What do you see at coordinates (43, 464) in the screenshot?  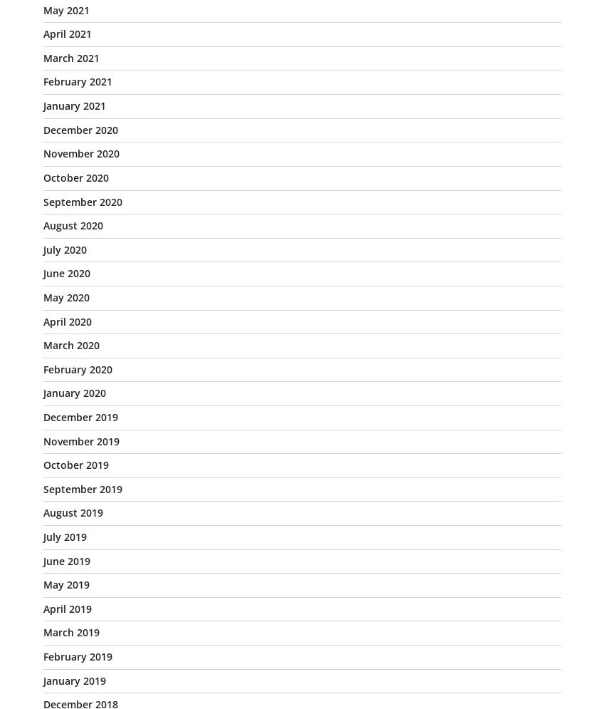 I see `'October 2019'` at bounding box center [43, 464].